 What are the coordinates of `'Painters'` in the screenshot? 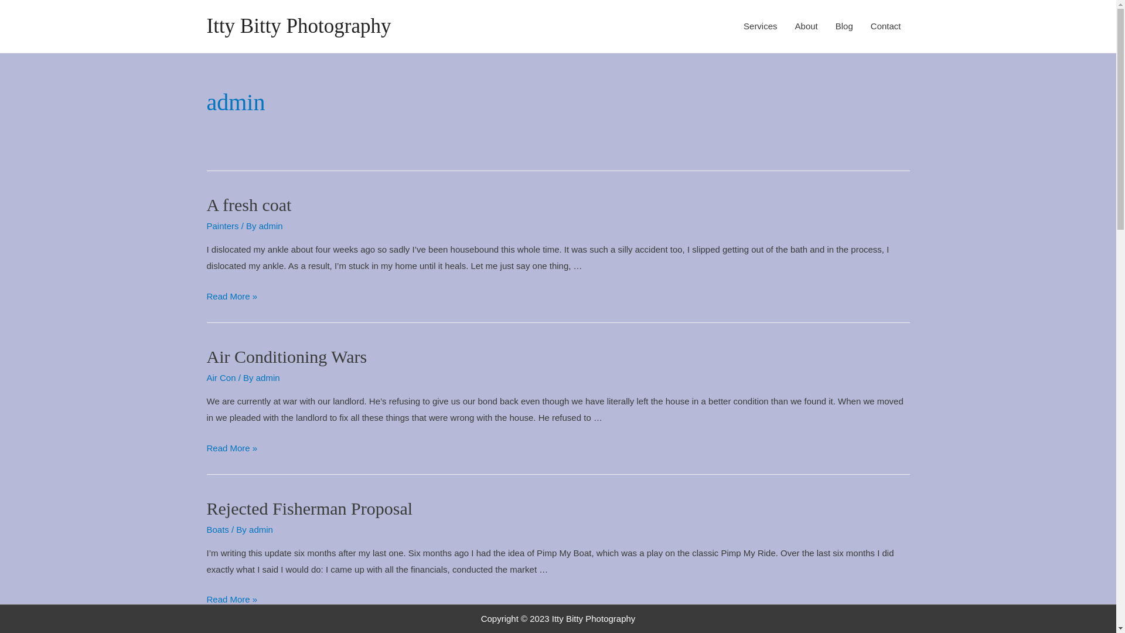 It's located at (222, 226).